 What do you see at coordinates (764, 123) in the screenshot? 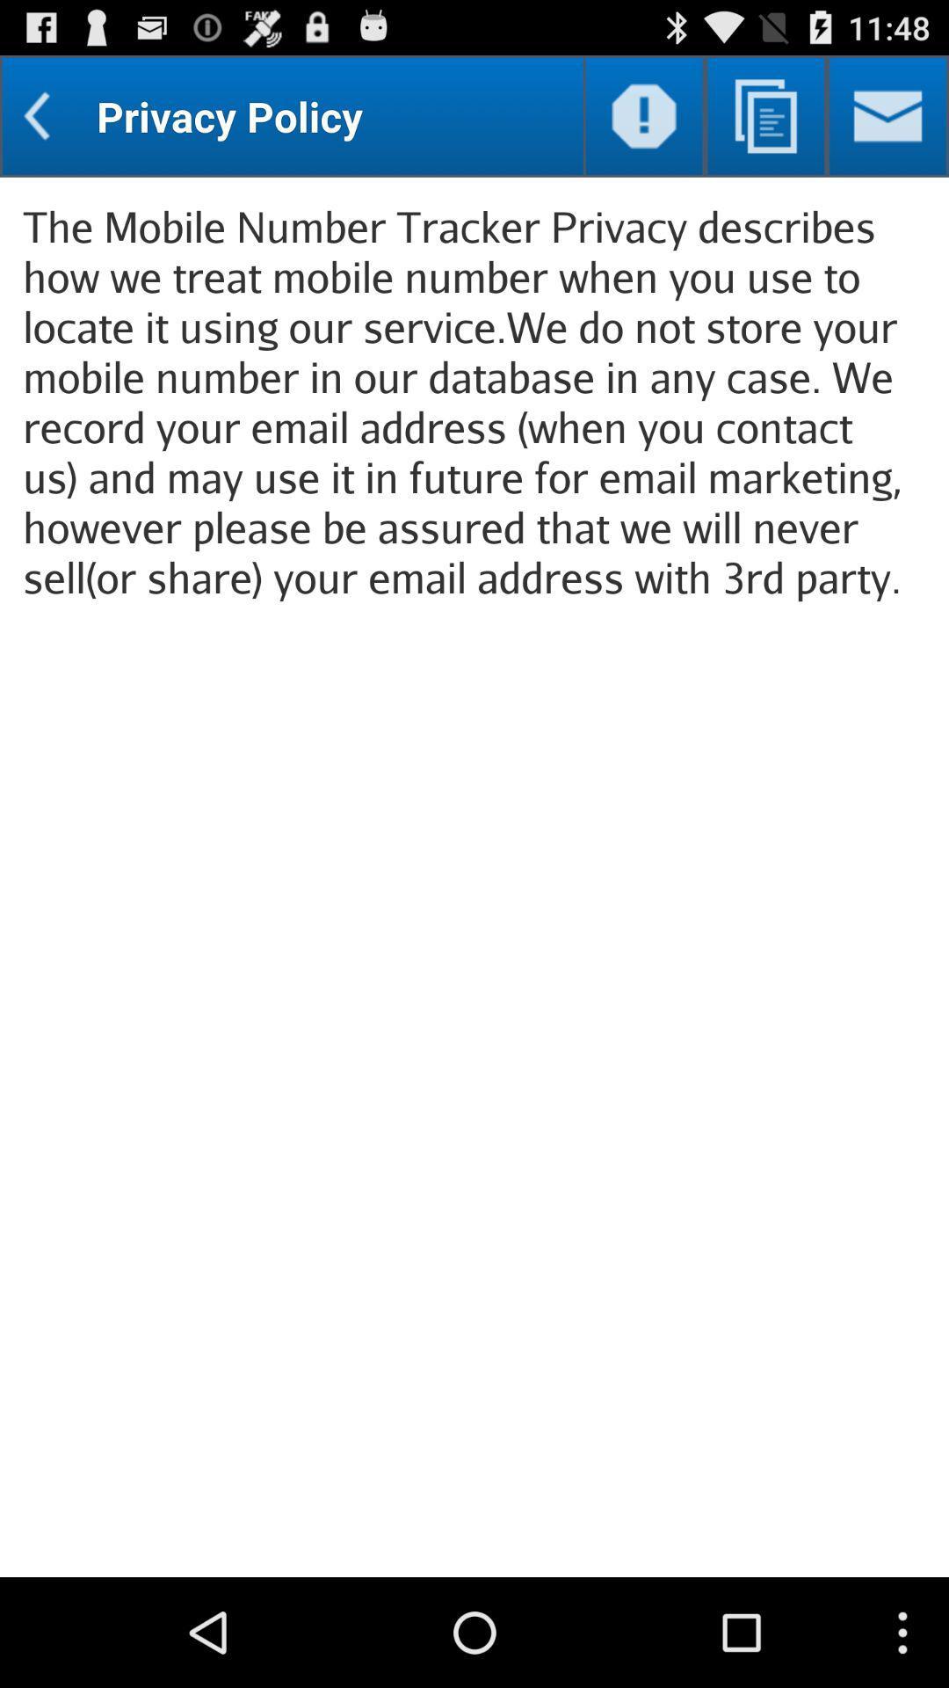
I see `the copy icon` at bounding box center [764, 123].